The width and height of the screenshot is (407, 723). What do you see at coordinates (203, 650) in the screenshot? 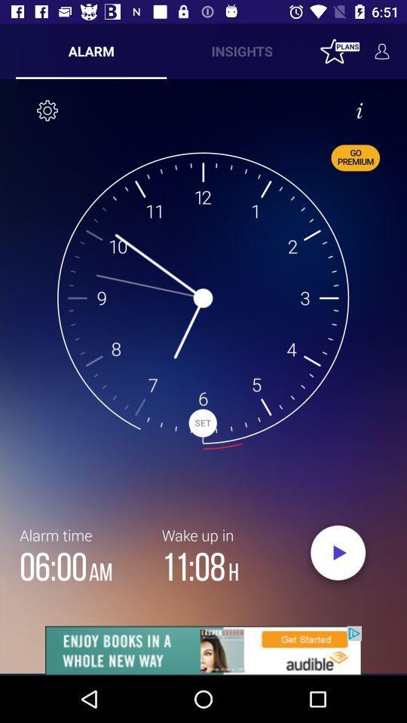
I see `book advertisement` at bounding box center [203, 650].